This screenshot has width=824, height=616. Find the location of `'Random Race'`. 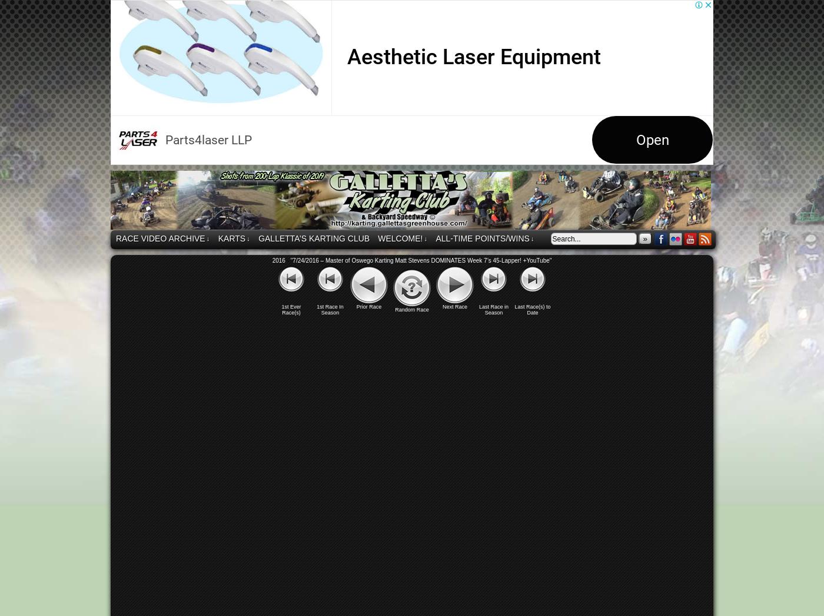

'Random Race' is located at coordinates (411, 309).